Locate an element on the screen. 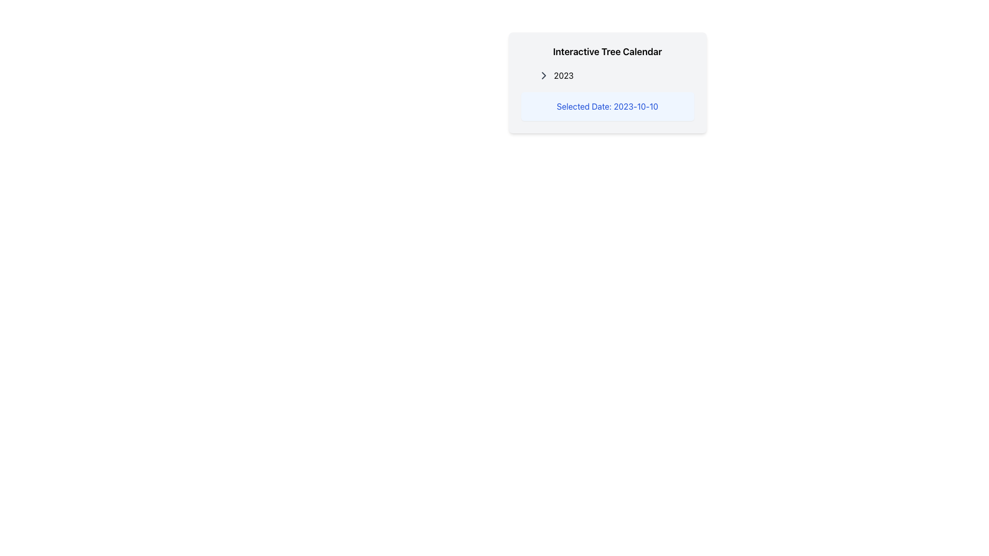  date displayed in the text label that shows the currently selected date, which is located below the 'Interactive Tree Calendar' heading and the text '2023' is located at coordinates (607, 107).